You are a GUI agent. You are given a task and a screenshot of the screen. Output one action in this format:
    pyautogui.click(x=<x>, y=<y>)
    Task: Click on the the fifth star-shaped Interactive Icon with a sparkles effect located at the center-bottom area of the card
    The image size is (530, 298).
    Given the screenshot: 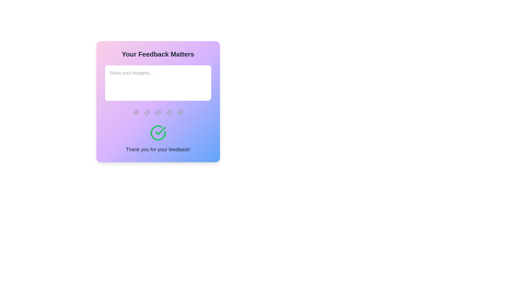 What is the action you would take?
    pyautogui.click(x=180, y=112)
    